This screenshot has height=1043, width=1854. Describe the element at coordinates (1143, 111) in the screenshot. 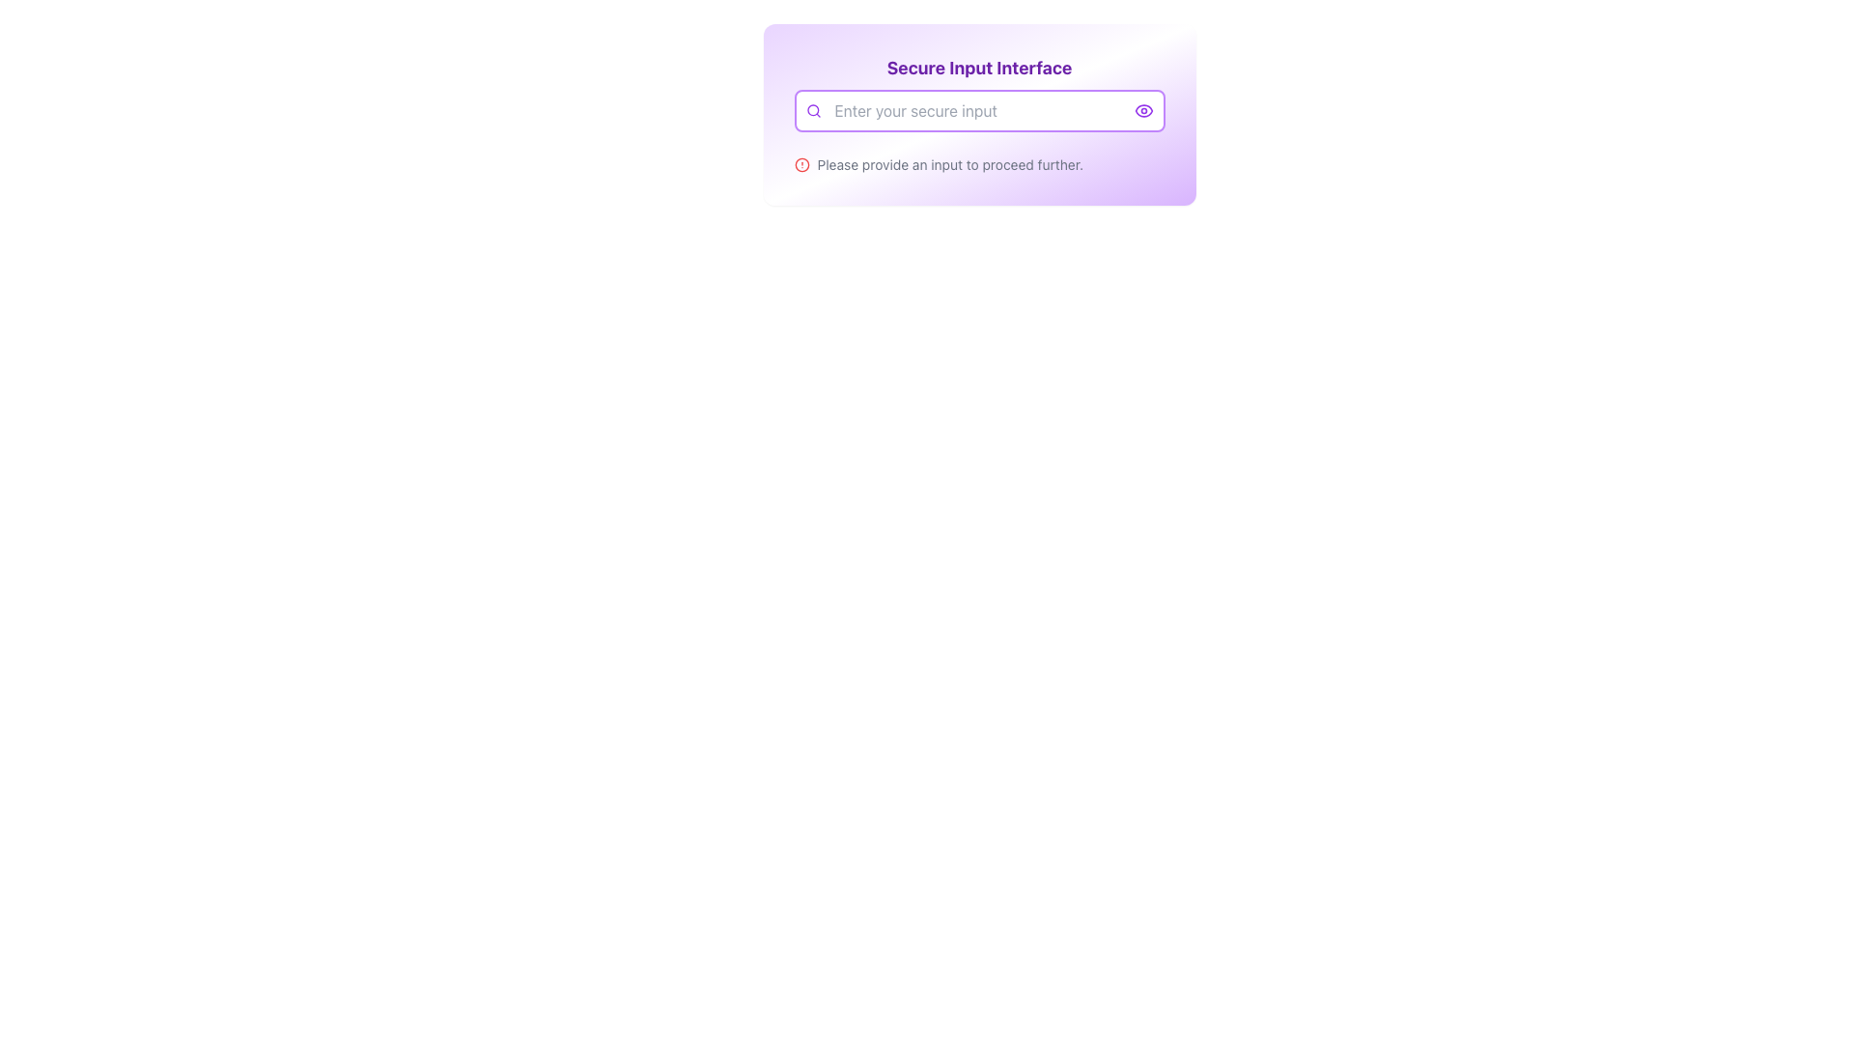

I see `the outer shape of the eye icon, which is positioned near the top-right corner of the input field area` at that location.